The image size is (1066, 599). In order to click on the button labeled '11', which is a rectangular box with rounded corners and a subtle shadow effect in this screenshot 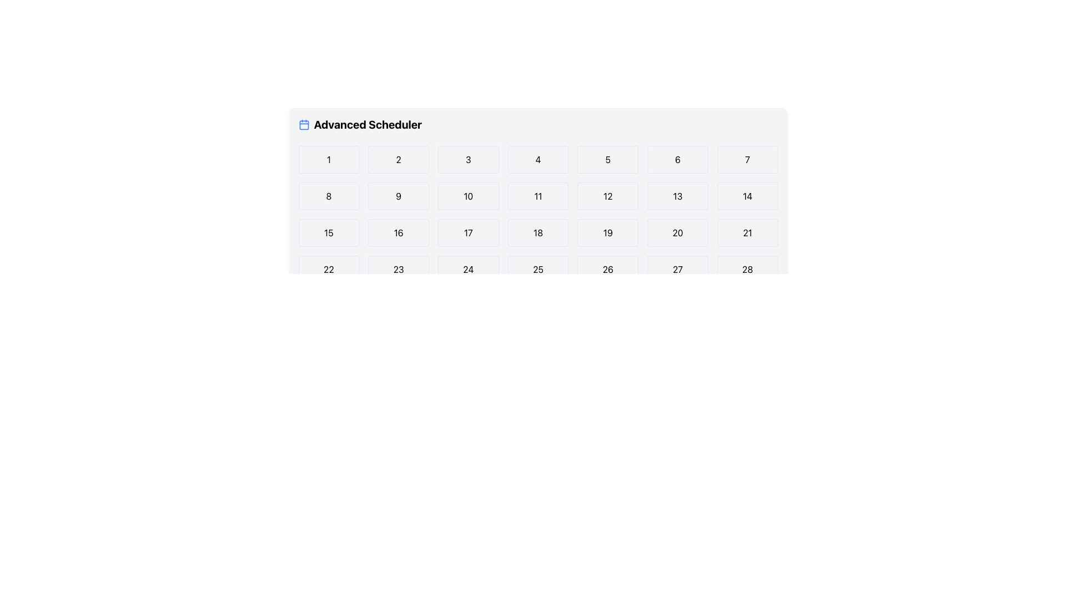, I will do `click(538, 196)`.